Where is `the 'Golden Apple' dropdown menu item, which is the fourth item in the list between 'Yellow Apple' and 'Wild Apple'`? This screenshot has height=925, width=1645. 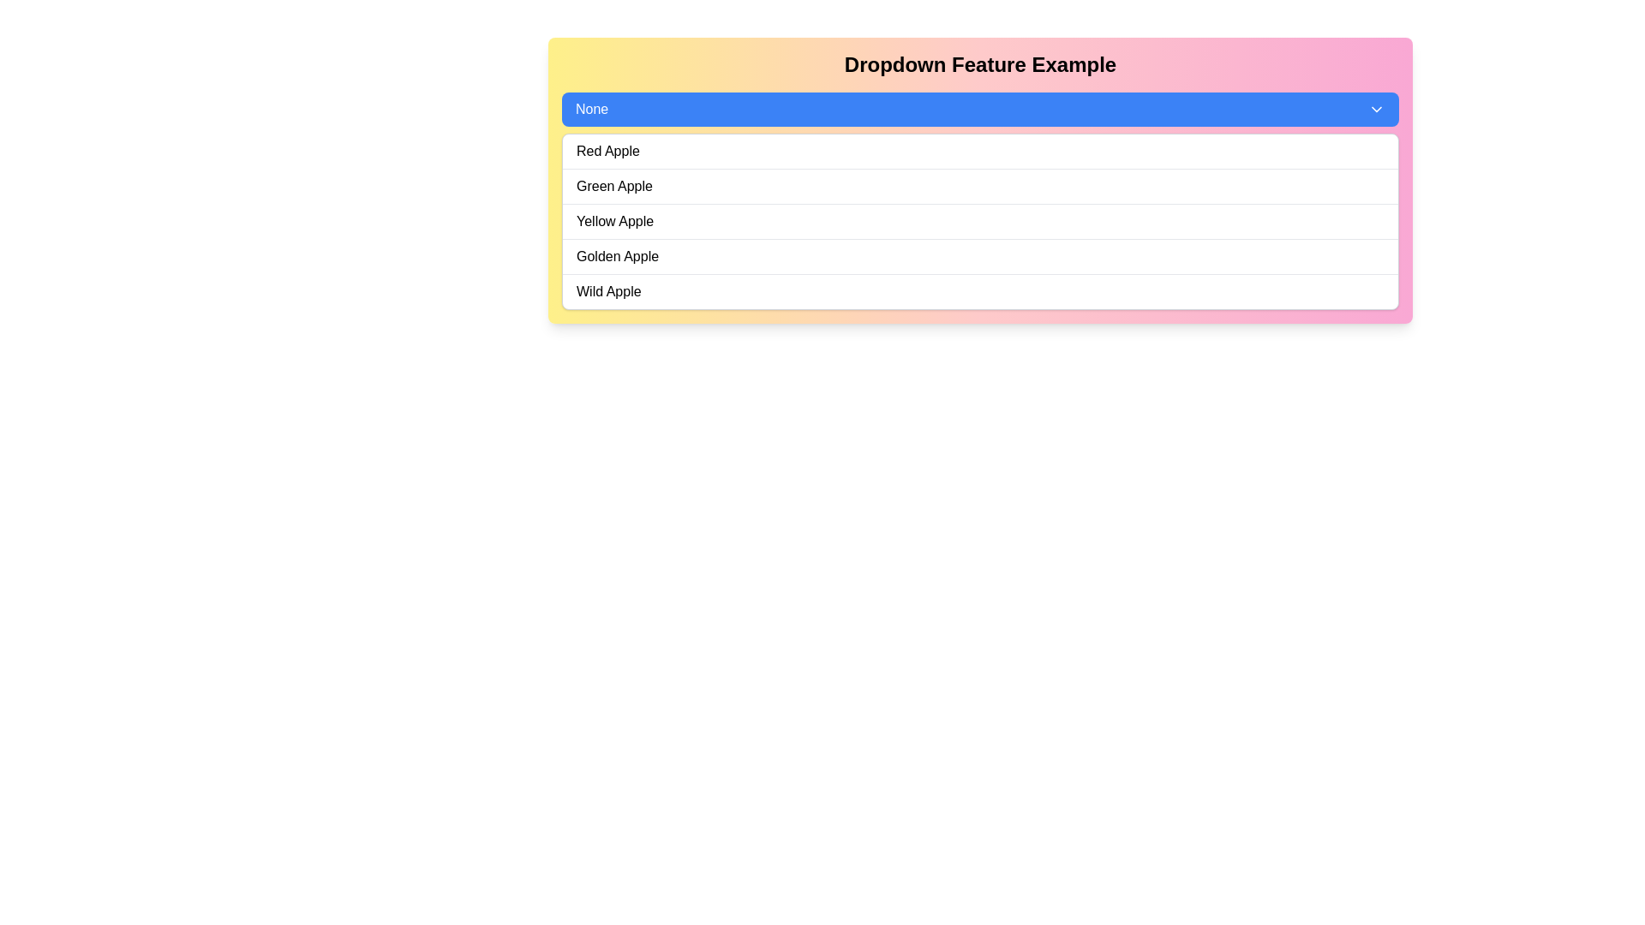
the 'Golden Apple' dropdown menu item, which is the fourth item in the list between 'Yellow Apple' and 'Wild Apple' is located at coordinates (980, 256).